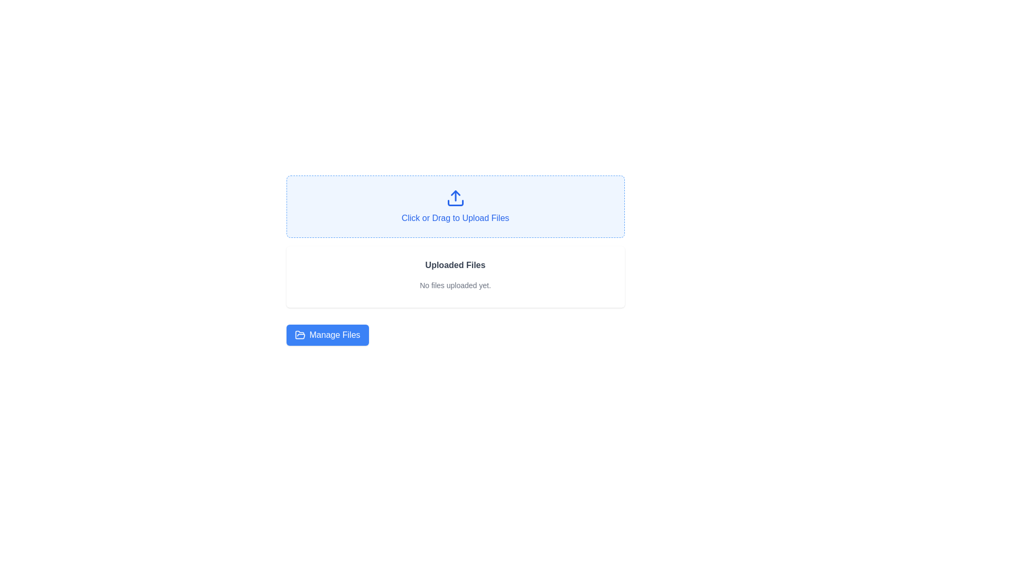 This screenshot has height=571, width=1015. I want to click on the blue folder icon located above the 'Manage Files' button in the bottom section of the interface, so click(299, 335).